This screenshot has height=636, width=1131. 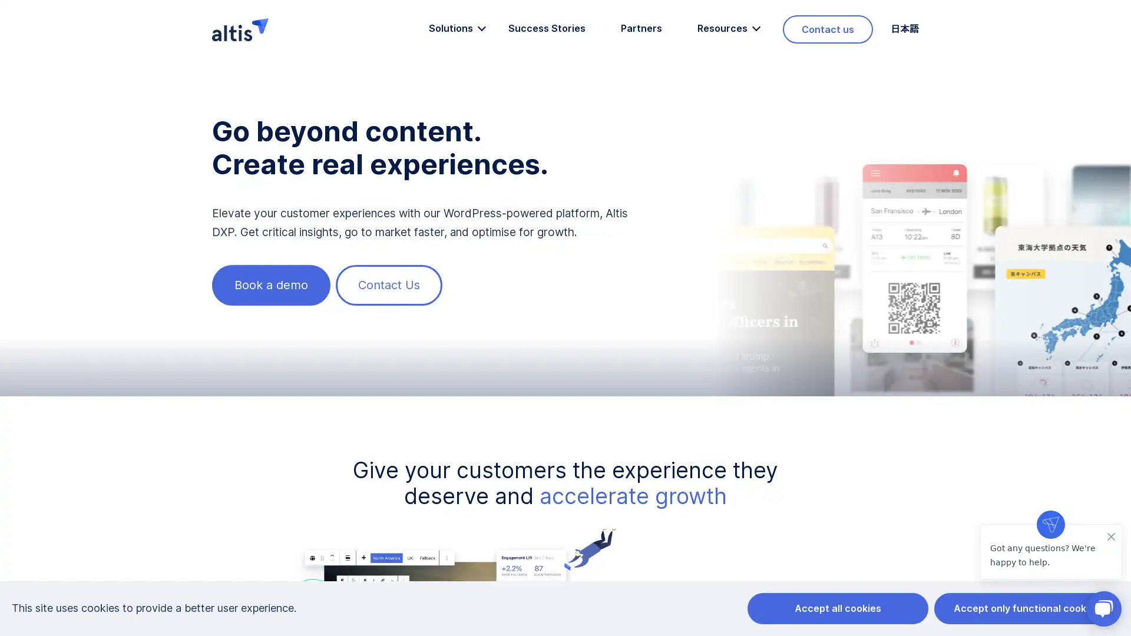 What do you see at coordinates (449, 27) in the screenshot?
I see `Solutions` at bounding box center [449, 27].